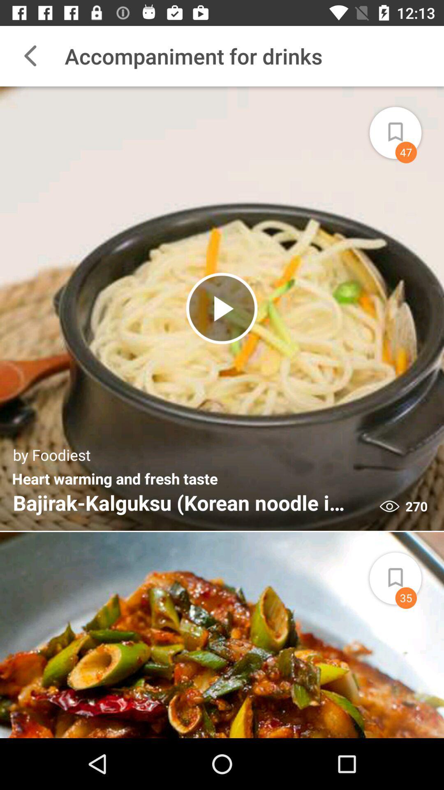 Image resolution: width=444 pixels, height=790 pixels. I want to click on icon at the top left corner, so click(30, 56).